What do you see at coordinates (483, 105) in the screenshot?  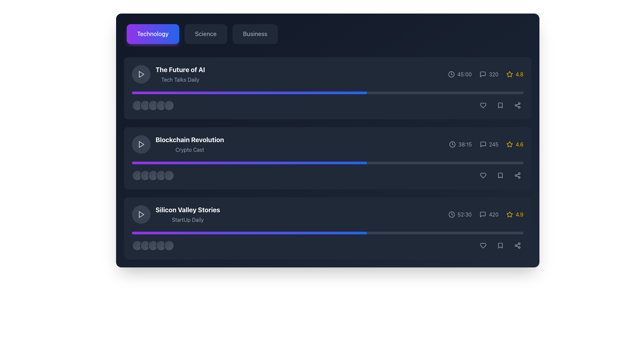 I see `the heart-shaped icon button with a hollow center and light gray outline, located in the second item of the action icons row` at bounding box center [483, 105].